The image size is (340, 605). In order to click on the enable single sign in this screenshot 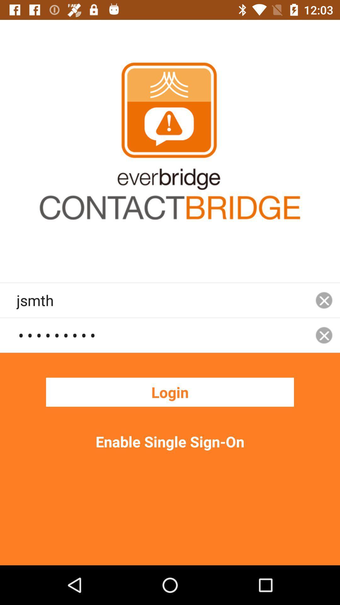, I will do `click(170, 441)`.